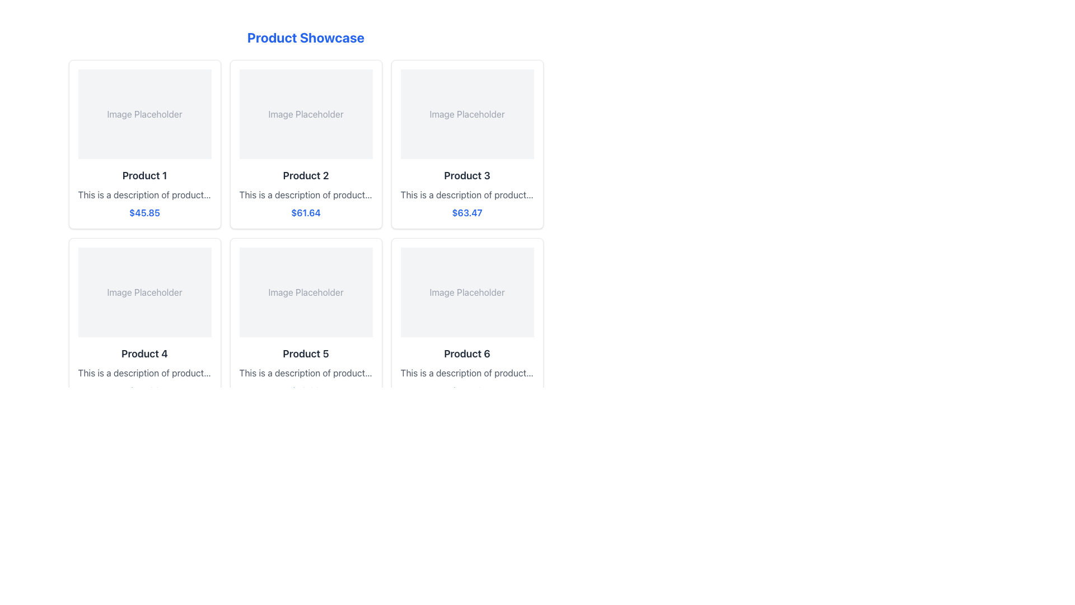 The image size is (1075, 605). I want to click on the text element that provides a summary for 'Product 4', located below the product name and above the product price in the visual card representation, so click(144, 373).